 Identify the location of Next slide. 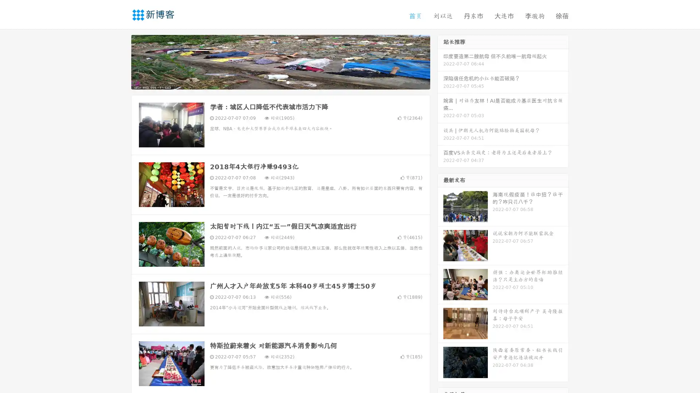
(440, 61).